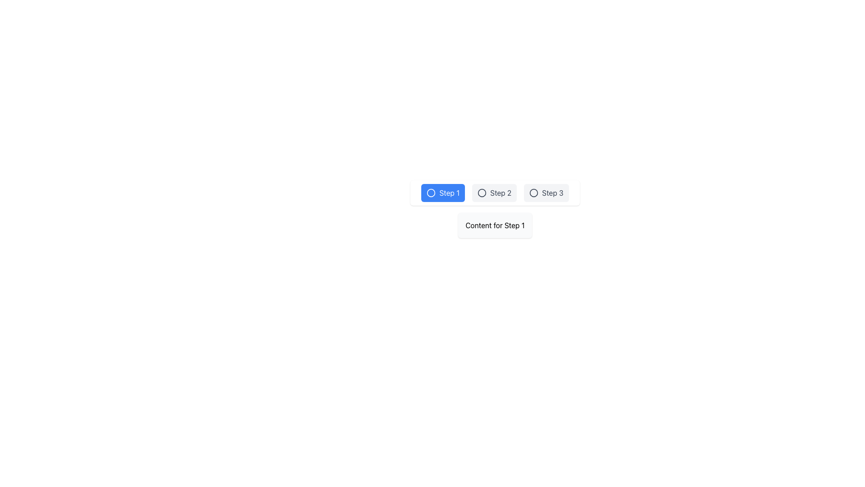  Describe the element at coordinates (546, 193) in the screenshot. I see `the third button in the horizontal step navigation bar, which activates content associated with 'Step 3'` at that location.